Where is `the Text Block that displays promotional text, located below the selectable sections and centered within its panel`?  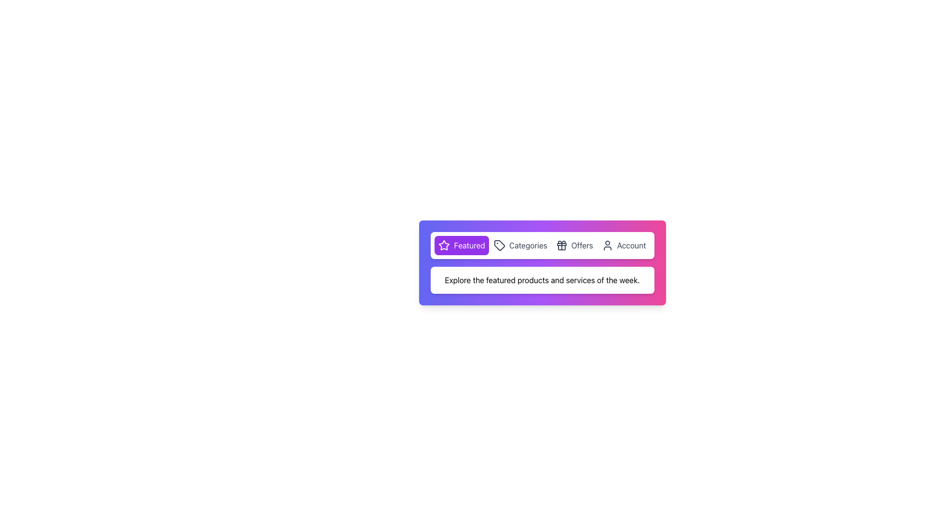
the Text Block that displays promotional text, located below the selectable sections and centered within its panel is located at coordinates (542, 280).